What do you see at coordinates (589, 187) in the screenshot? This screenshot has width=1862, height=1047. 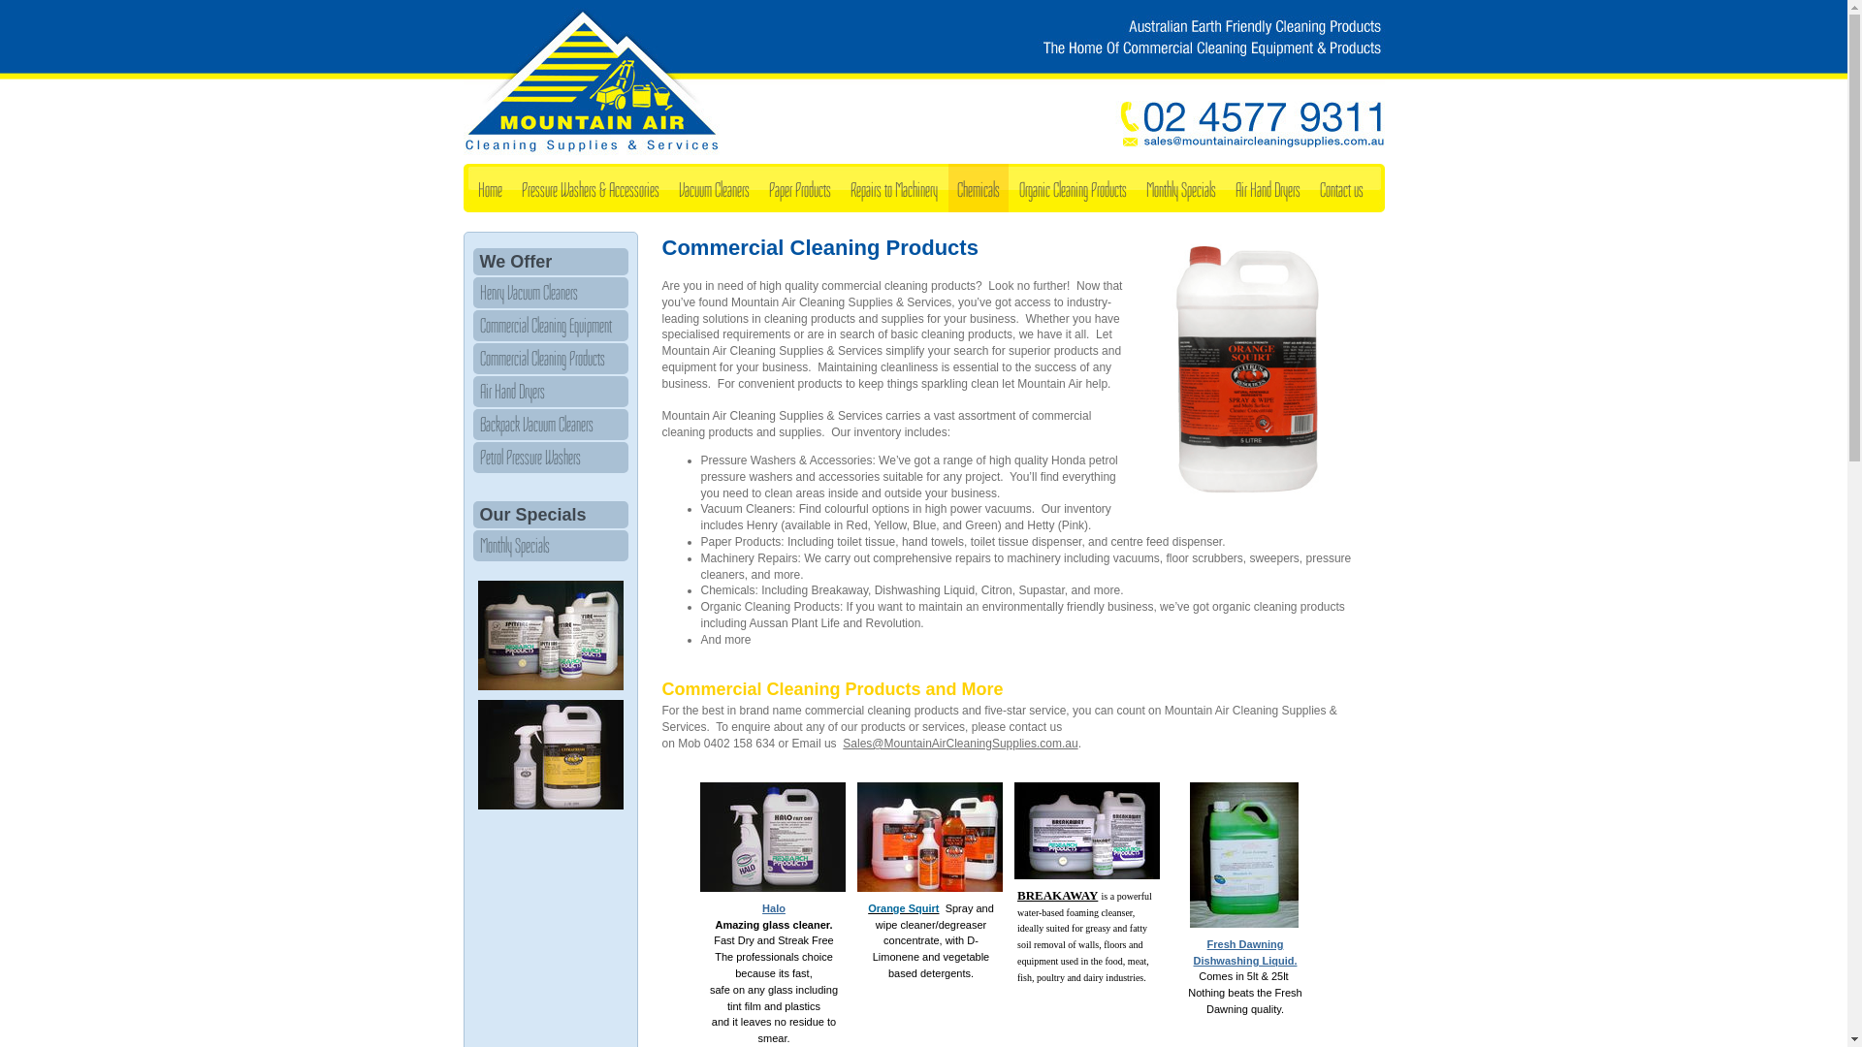 I see `'Pressure Washers & Accessories'` at bounding box center [589, 187].